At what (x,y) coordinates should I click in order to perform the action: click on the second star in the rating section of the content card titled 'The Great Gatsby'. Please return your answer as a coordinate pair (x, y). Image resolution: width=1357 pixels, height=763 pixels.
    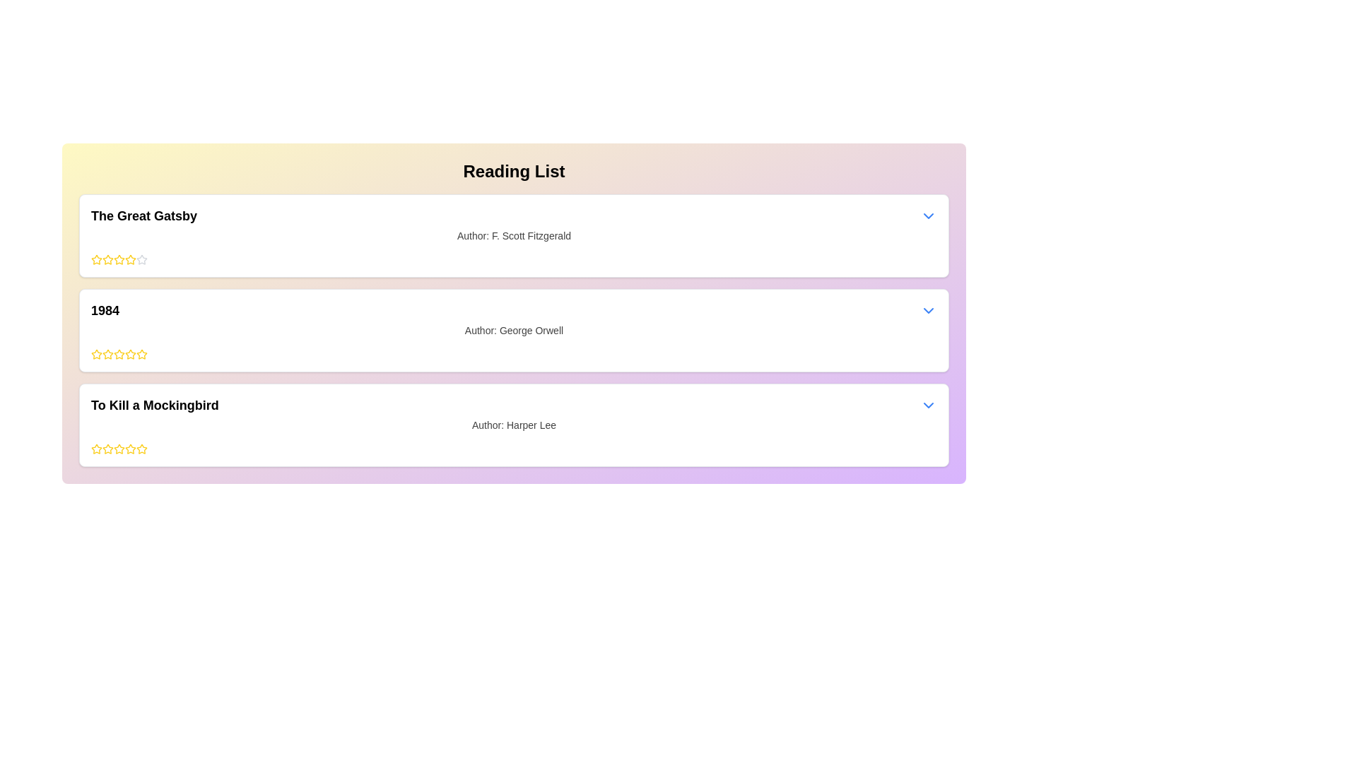
    Looking at the image, I should click on (142, 259).